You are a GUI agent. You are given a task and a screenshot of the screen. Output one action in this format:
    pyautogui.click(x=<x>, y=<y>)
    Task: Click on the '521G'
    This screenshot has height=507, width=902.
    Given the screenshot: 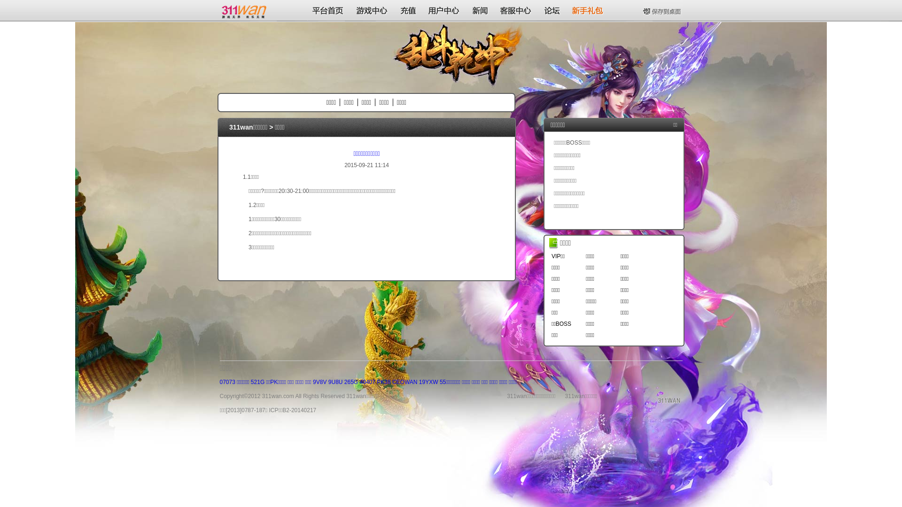 What is the action you would take?
    pyautogui.click(x=257, y=382)
    